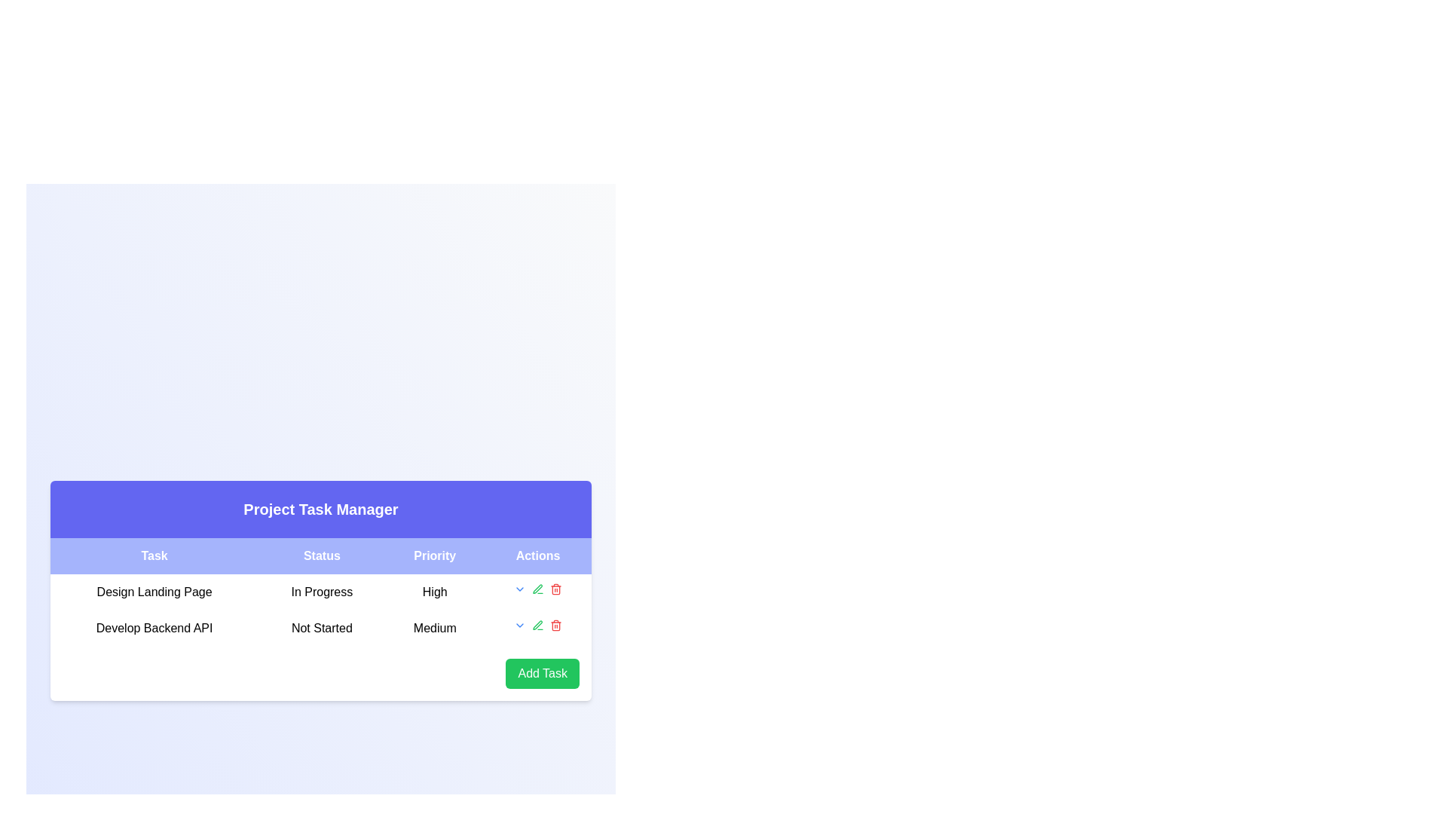 Image resolution: width=1447 pixels, height=814 pixels. I want to click on the text element displaying 'Design Landing Page' located in the first column of the first data row under the 'Task' heading in the table, so click(154, 592).